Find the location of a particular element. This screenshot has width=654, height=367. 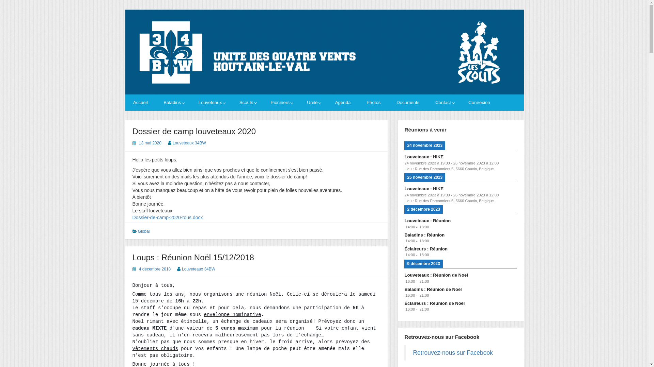

'Dossier de camp louveteaux 2020' is located at coordinates (193, 131).